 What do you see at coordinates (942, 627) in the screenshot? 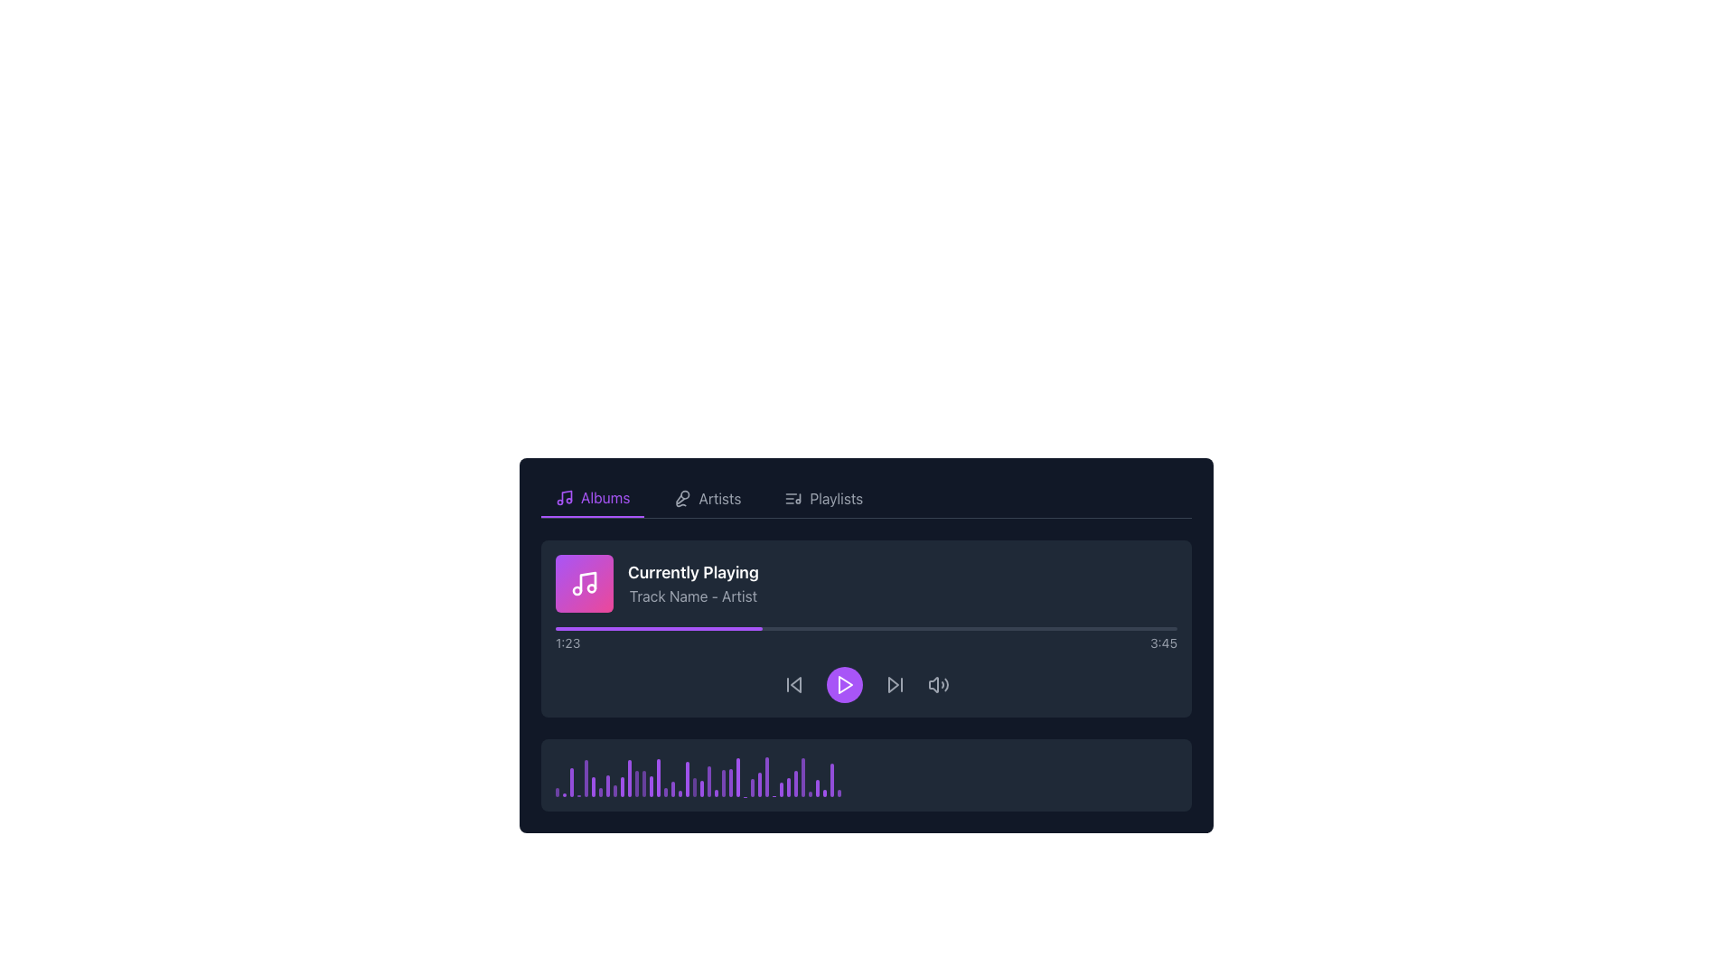
I see `the playback position` at bounding box center [942, 627].